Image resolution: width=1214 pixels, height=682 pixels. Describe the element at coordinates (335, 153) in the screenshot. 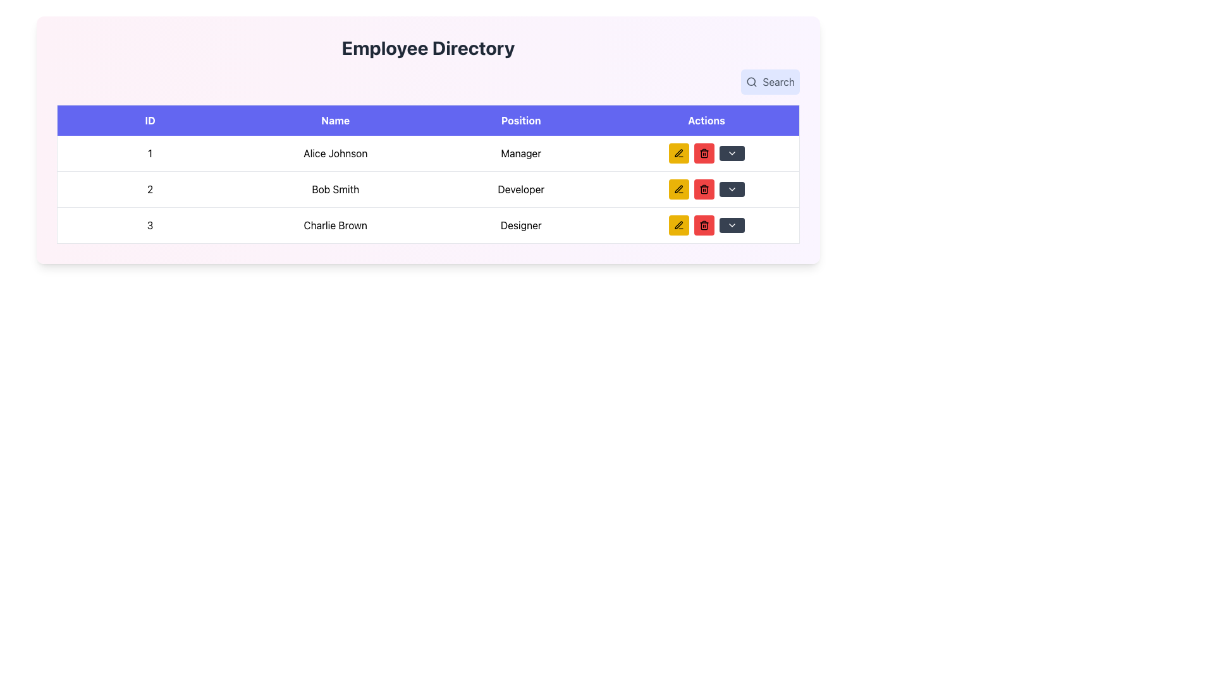

I see `the text label displaying the name 'Alice Johnson', which is located in the second column of the first row in the 'Employee Directory' table, between the 'ID' column and the 'Position' column` at that location.